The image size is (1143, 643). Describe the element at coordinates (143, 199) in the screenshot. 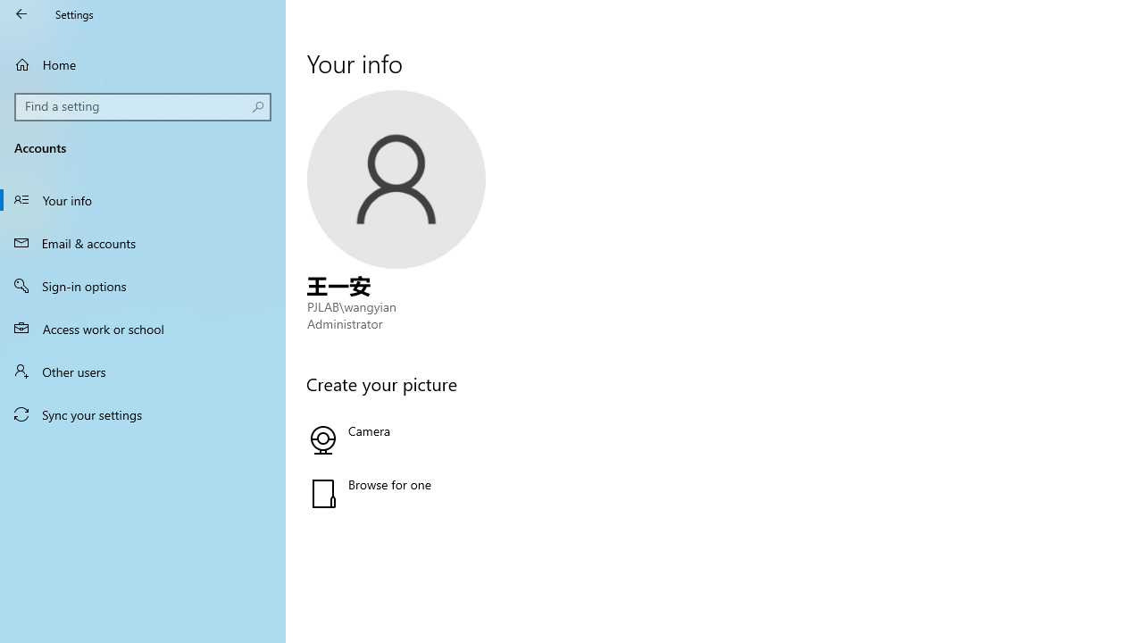

I see `'Your info'` at that location.